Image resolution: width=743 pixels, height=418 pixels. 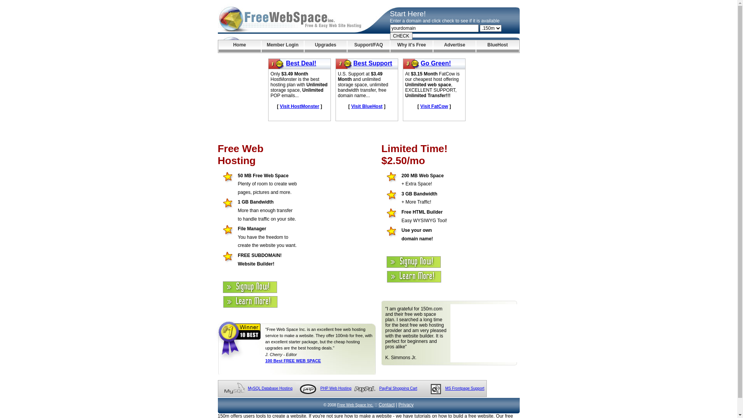 What do you see at coordinates (390, 46) in the screenshot?
I see `'Why it's Free'` at bounding box center [390, 46].